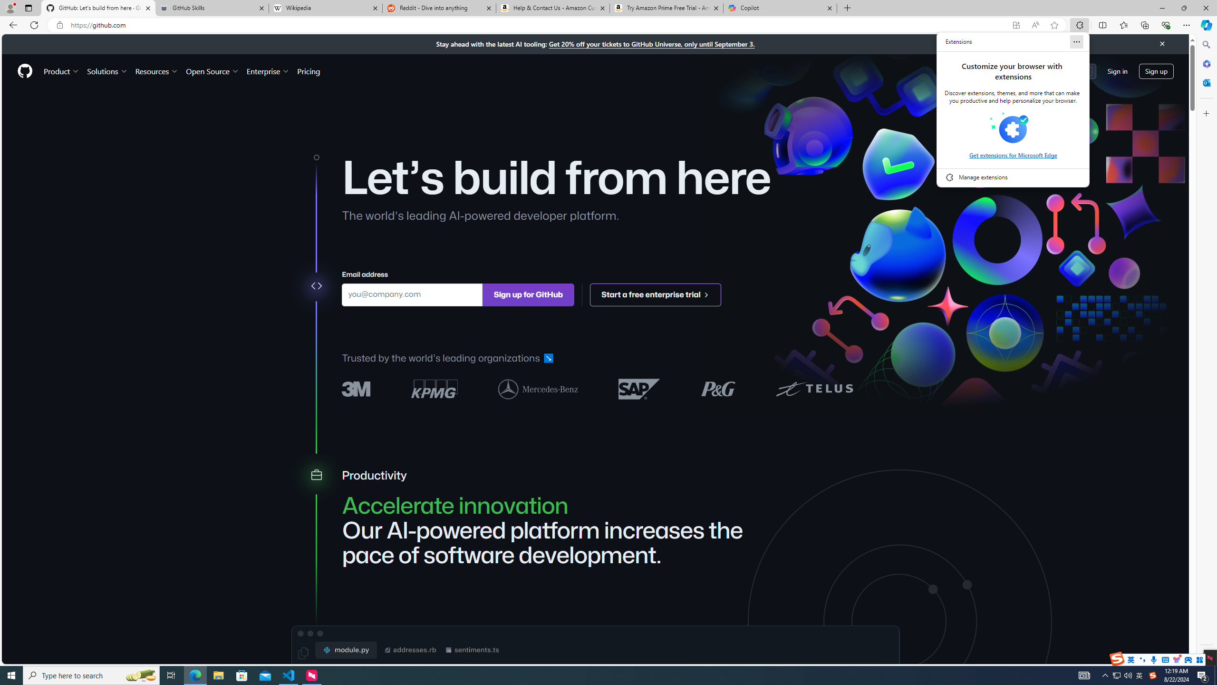 This screenshot has width=1217, height=685. What do you see at coordinates (1013, 176) in the screenshot?
I see `'Manage extensions'` at bounding box center [1013, 176].